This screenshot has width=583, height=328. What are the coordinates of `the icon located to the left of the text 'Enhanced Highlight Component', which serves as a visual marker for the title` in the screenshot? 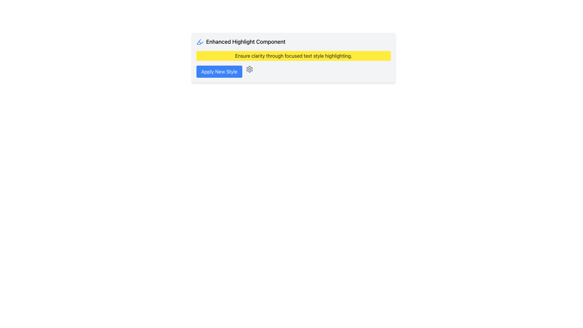 It's located at (200, 42).